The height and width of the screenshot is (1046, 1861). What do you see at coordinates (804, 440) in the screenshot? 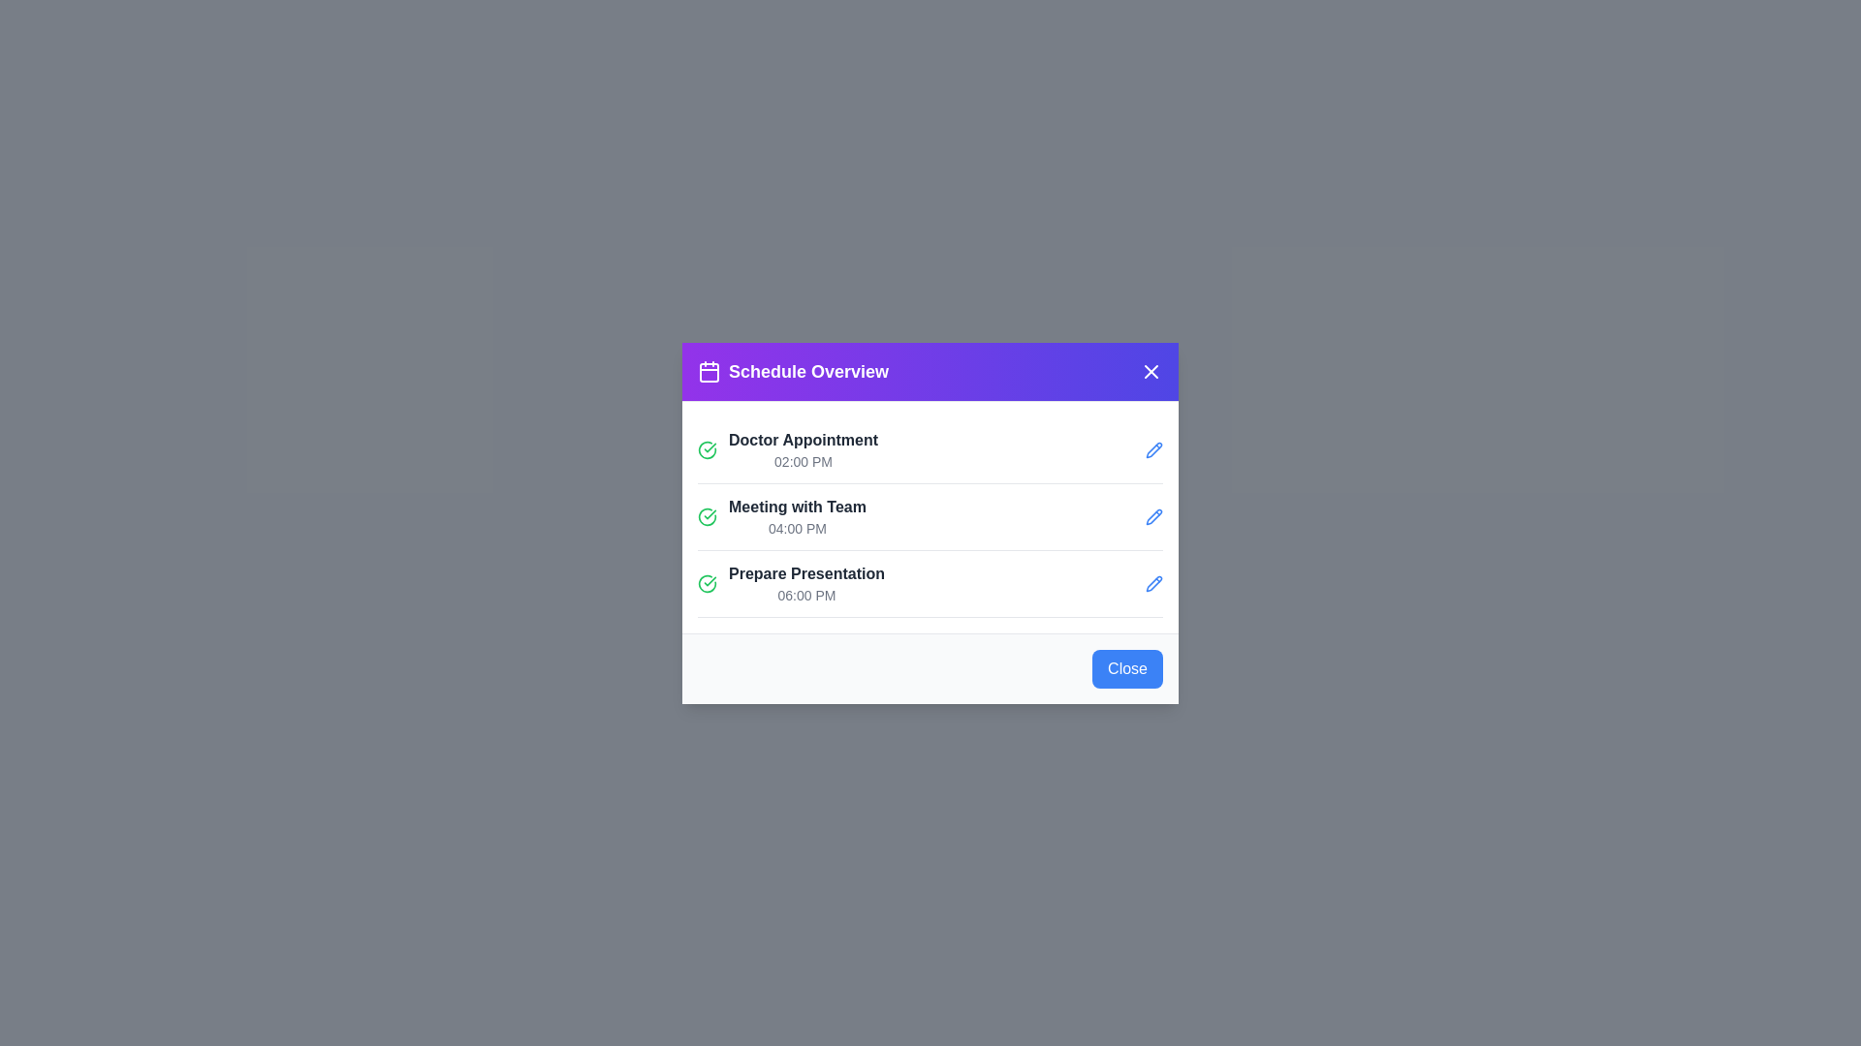
I see `the bold text label that reads 'Doctor Appointment' located at the top-left corner of a list entry in the 'Schedule Overview' dialog` at bounding box center [804, 440].